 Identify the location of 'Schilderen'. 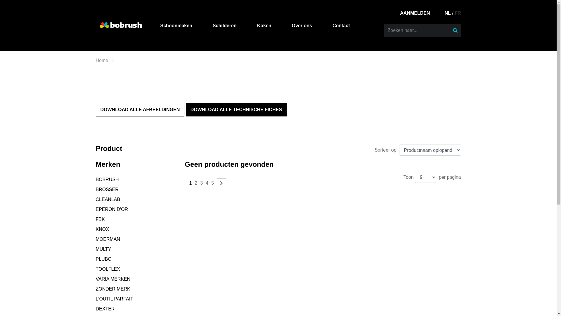
(224, 25).